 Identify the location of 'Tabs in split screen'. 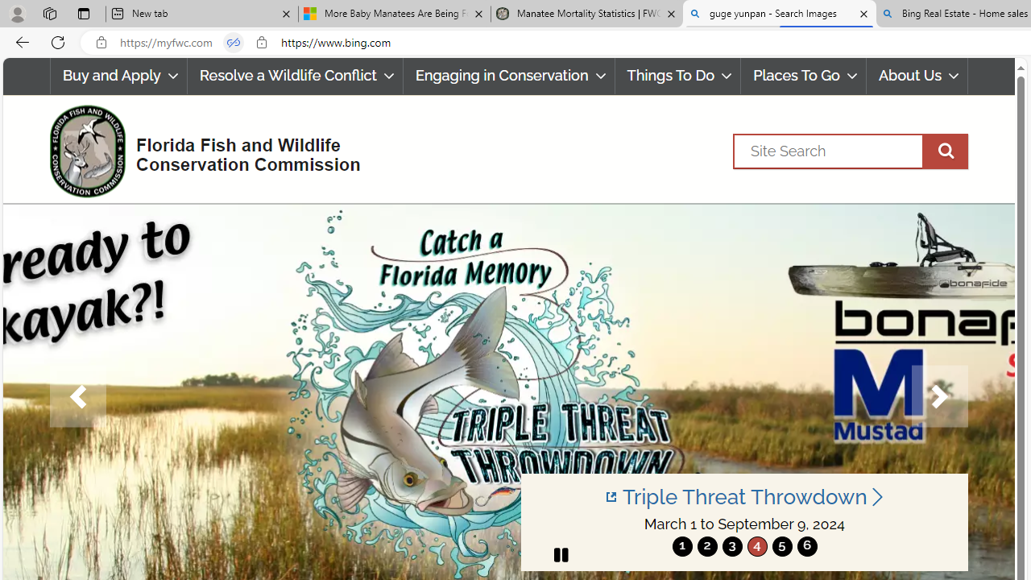
(232, 42).